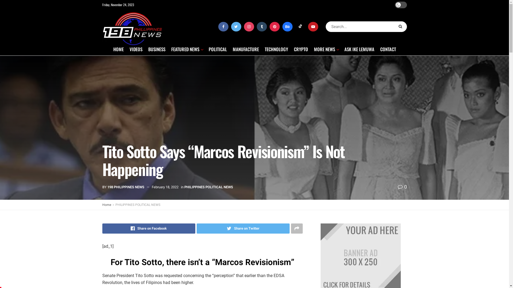 The height and width of the screenshot is (288, 513). Describe the element at coordinates (243, 228) in the screenshot. I see `'Share on Twitter'` at that location.